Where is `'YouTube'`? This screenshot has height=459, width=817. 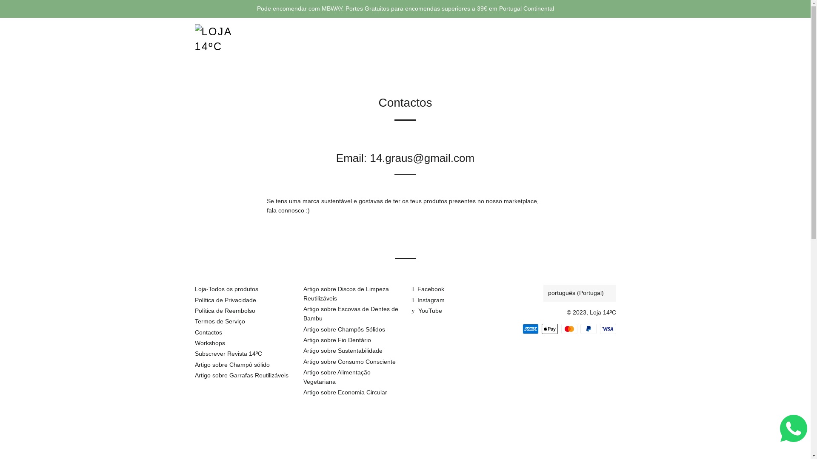 'YouTube' is located at coordinates (427, 311).